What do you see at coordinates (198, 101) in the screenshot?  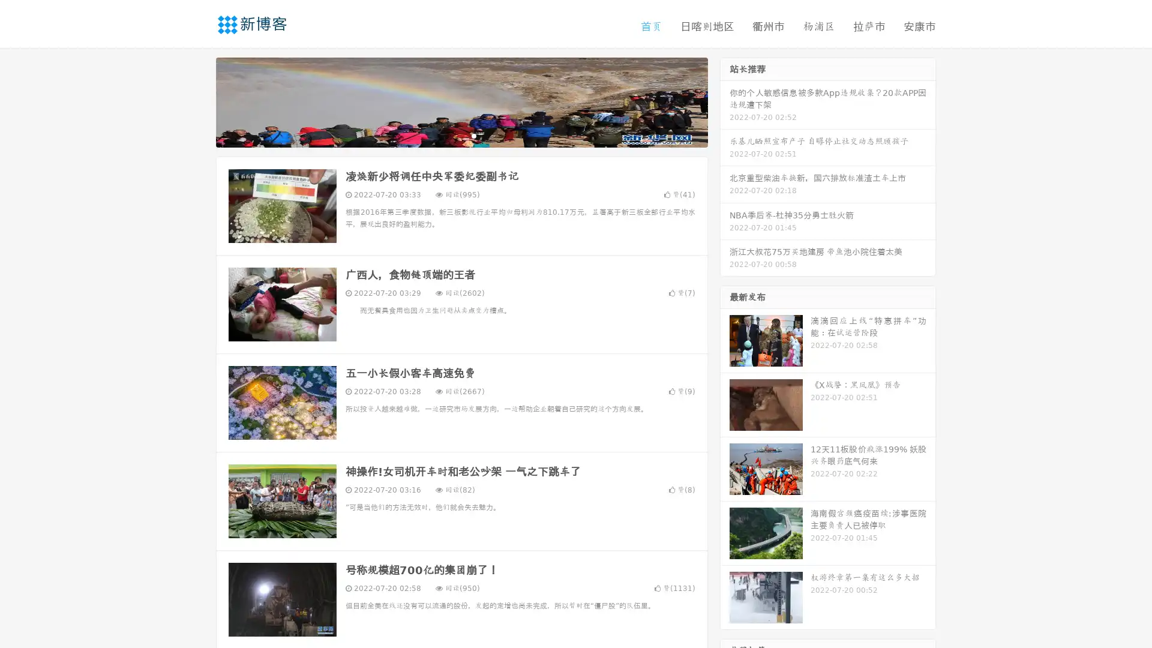 I see `Previous slide` at bounding box center [198, 101].